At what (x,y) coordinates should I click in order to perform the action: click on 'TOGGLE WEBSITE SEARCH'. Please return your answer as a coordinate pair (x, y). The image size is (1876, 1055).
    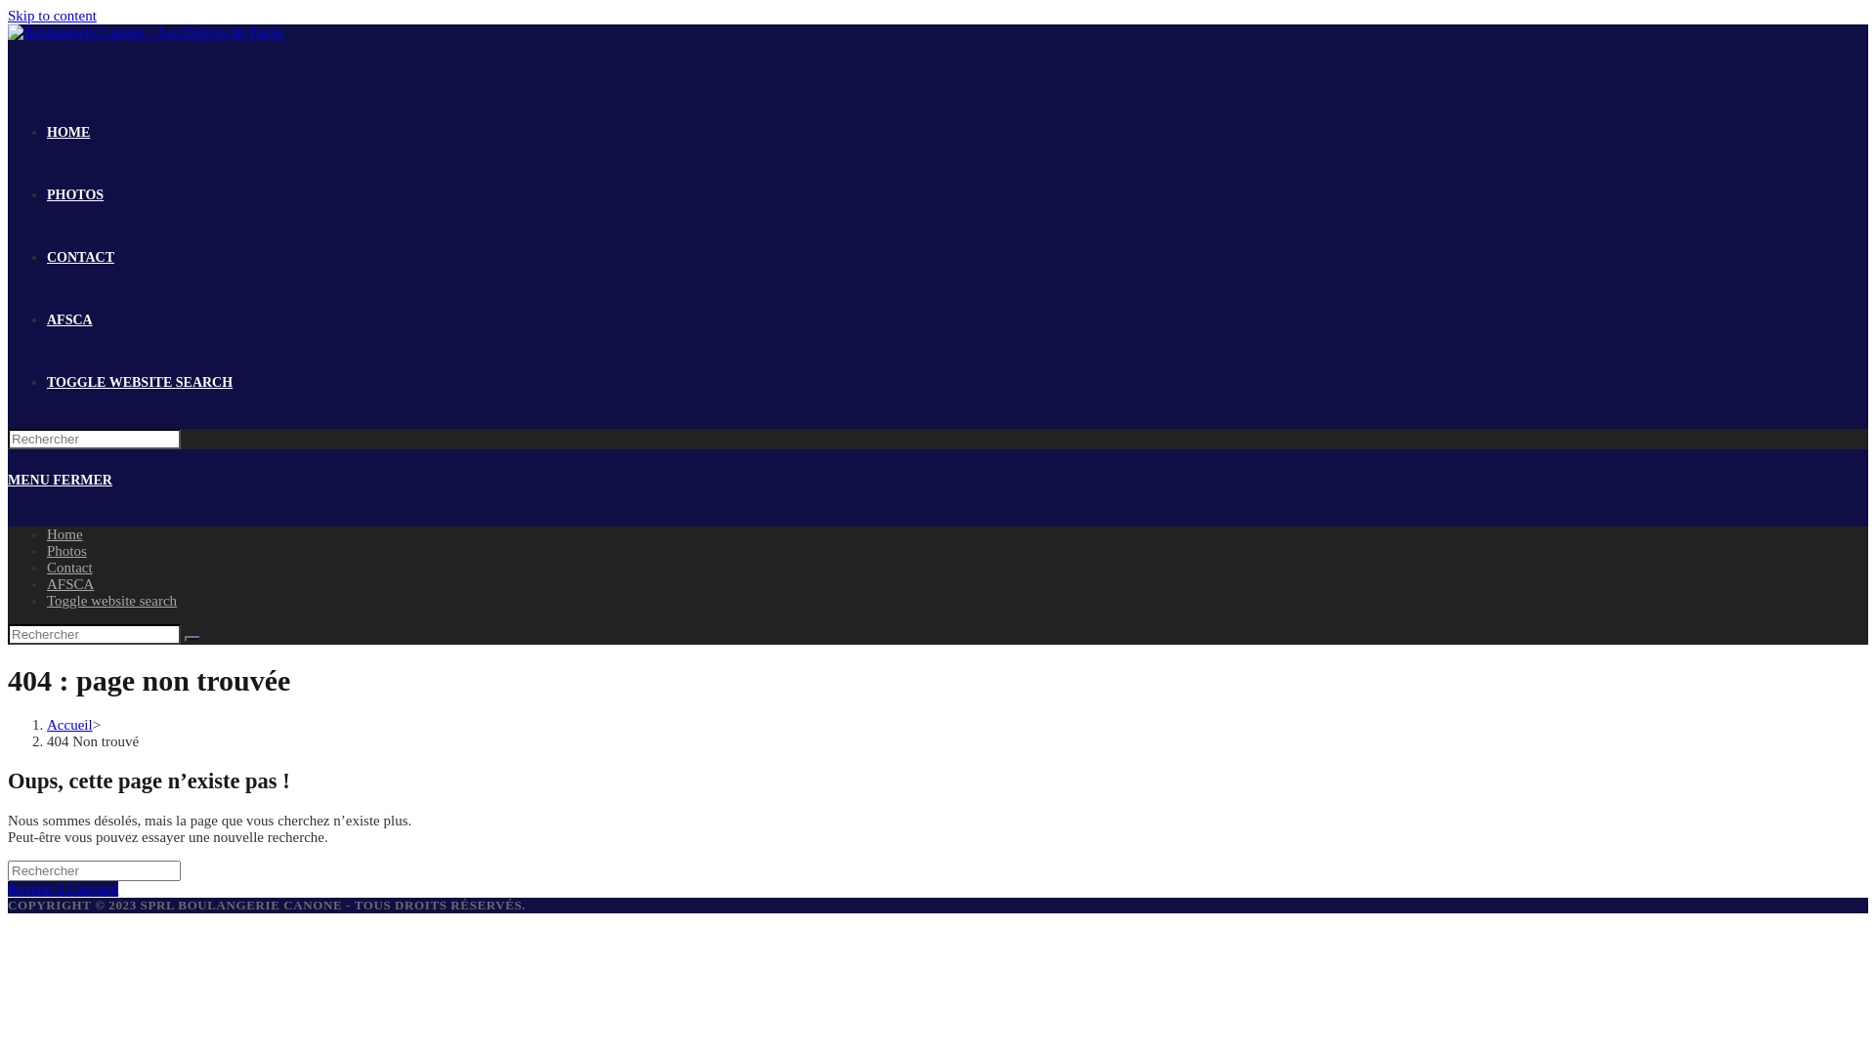
    Looking at the image, I should click on (139, 382).